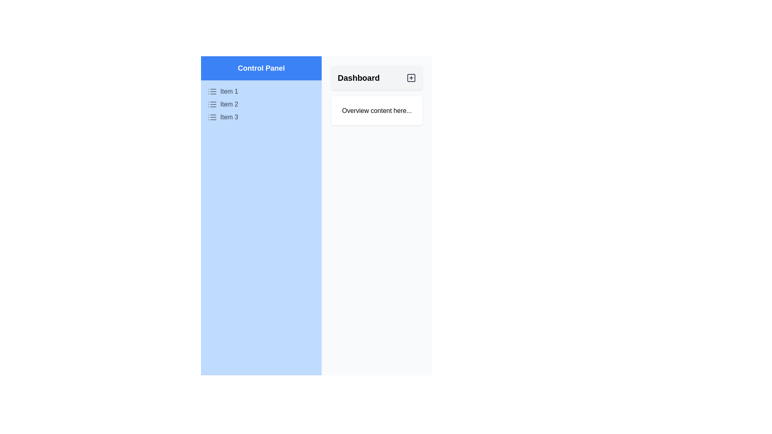 Image resolution: width=772 pixels, height=434 pixels. Describe the element at coordinates (261, 68) in the screenshot. I see `the header element located at the top of the left sidebar, which categorizes or groups related actions or information` at that location.